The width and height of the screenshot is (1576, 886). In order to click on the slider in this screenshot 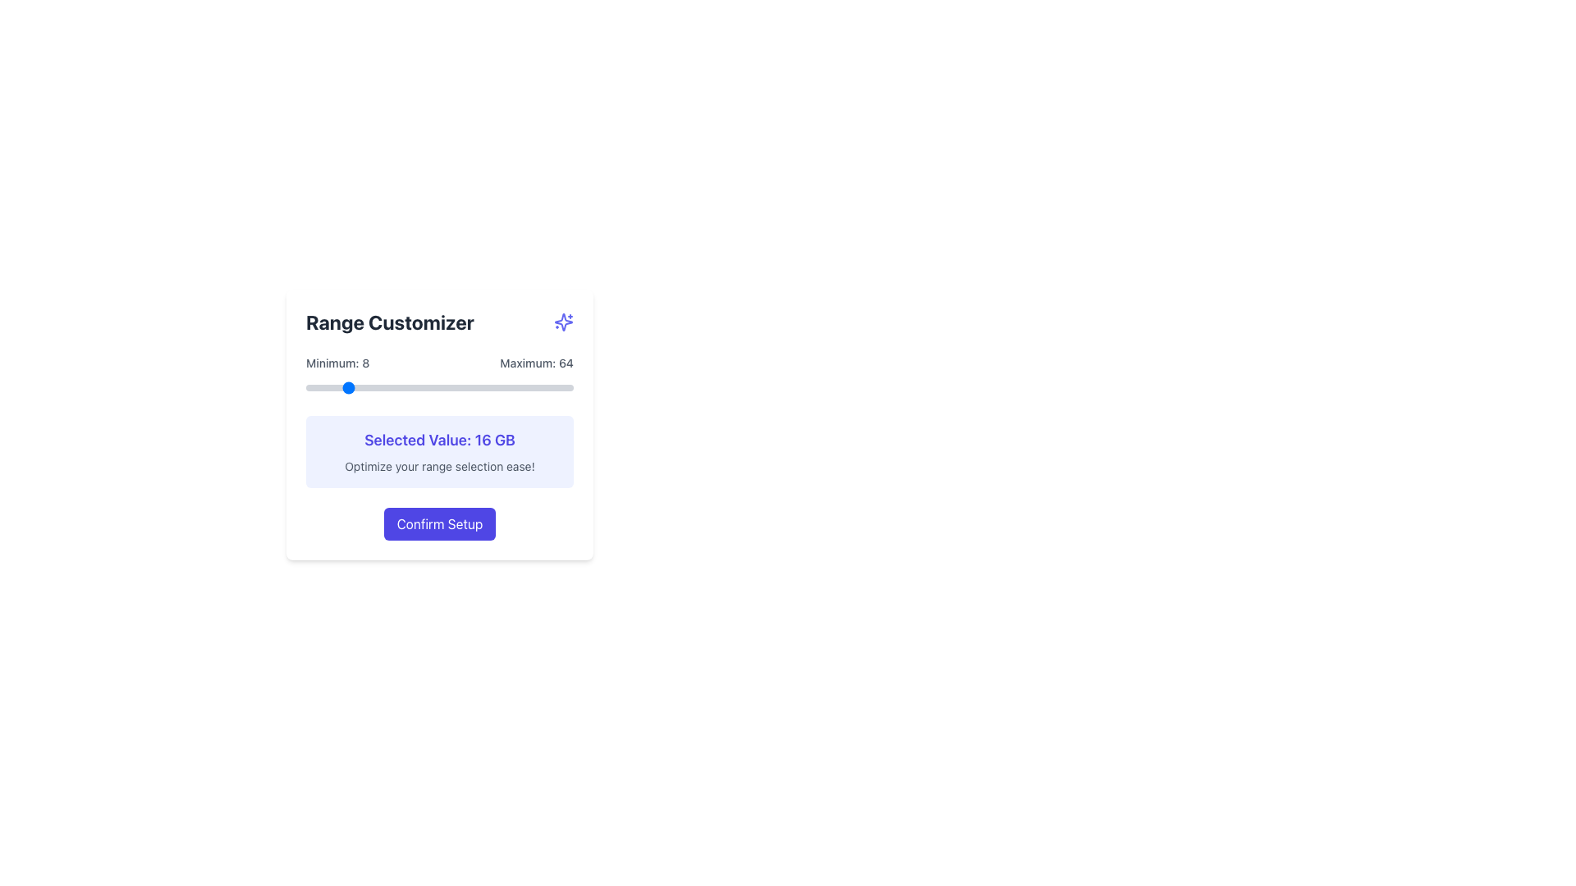, I will do `click(420, 388)`.